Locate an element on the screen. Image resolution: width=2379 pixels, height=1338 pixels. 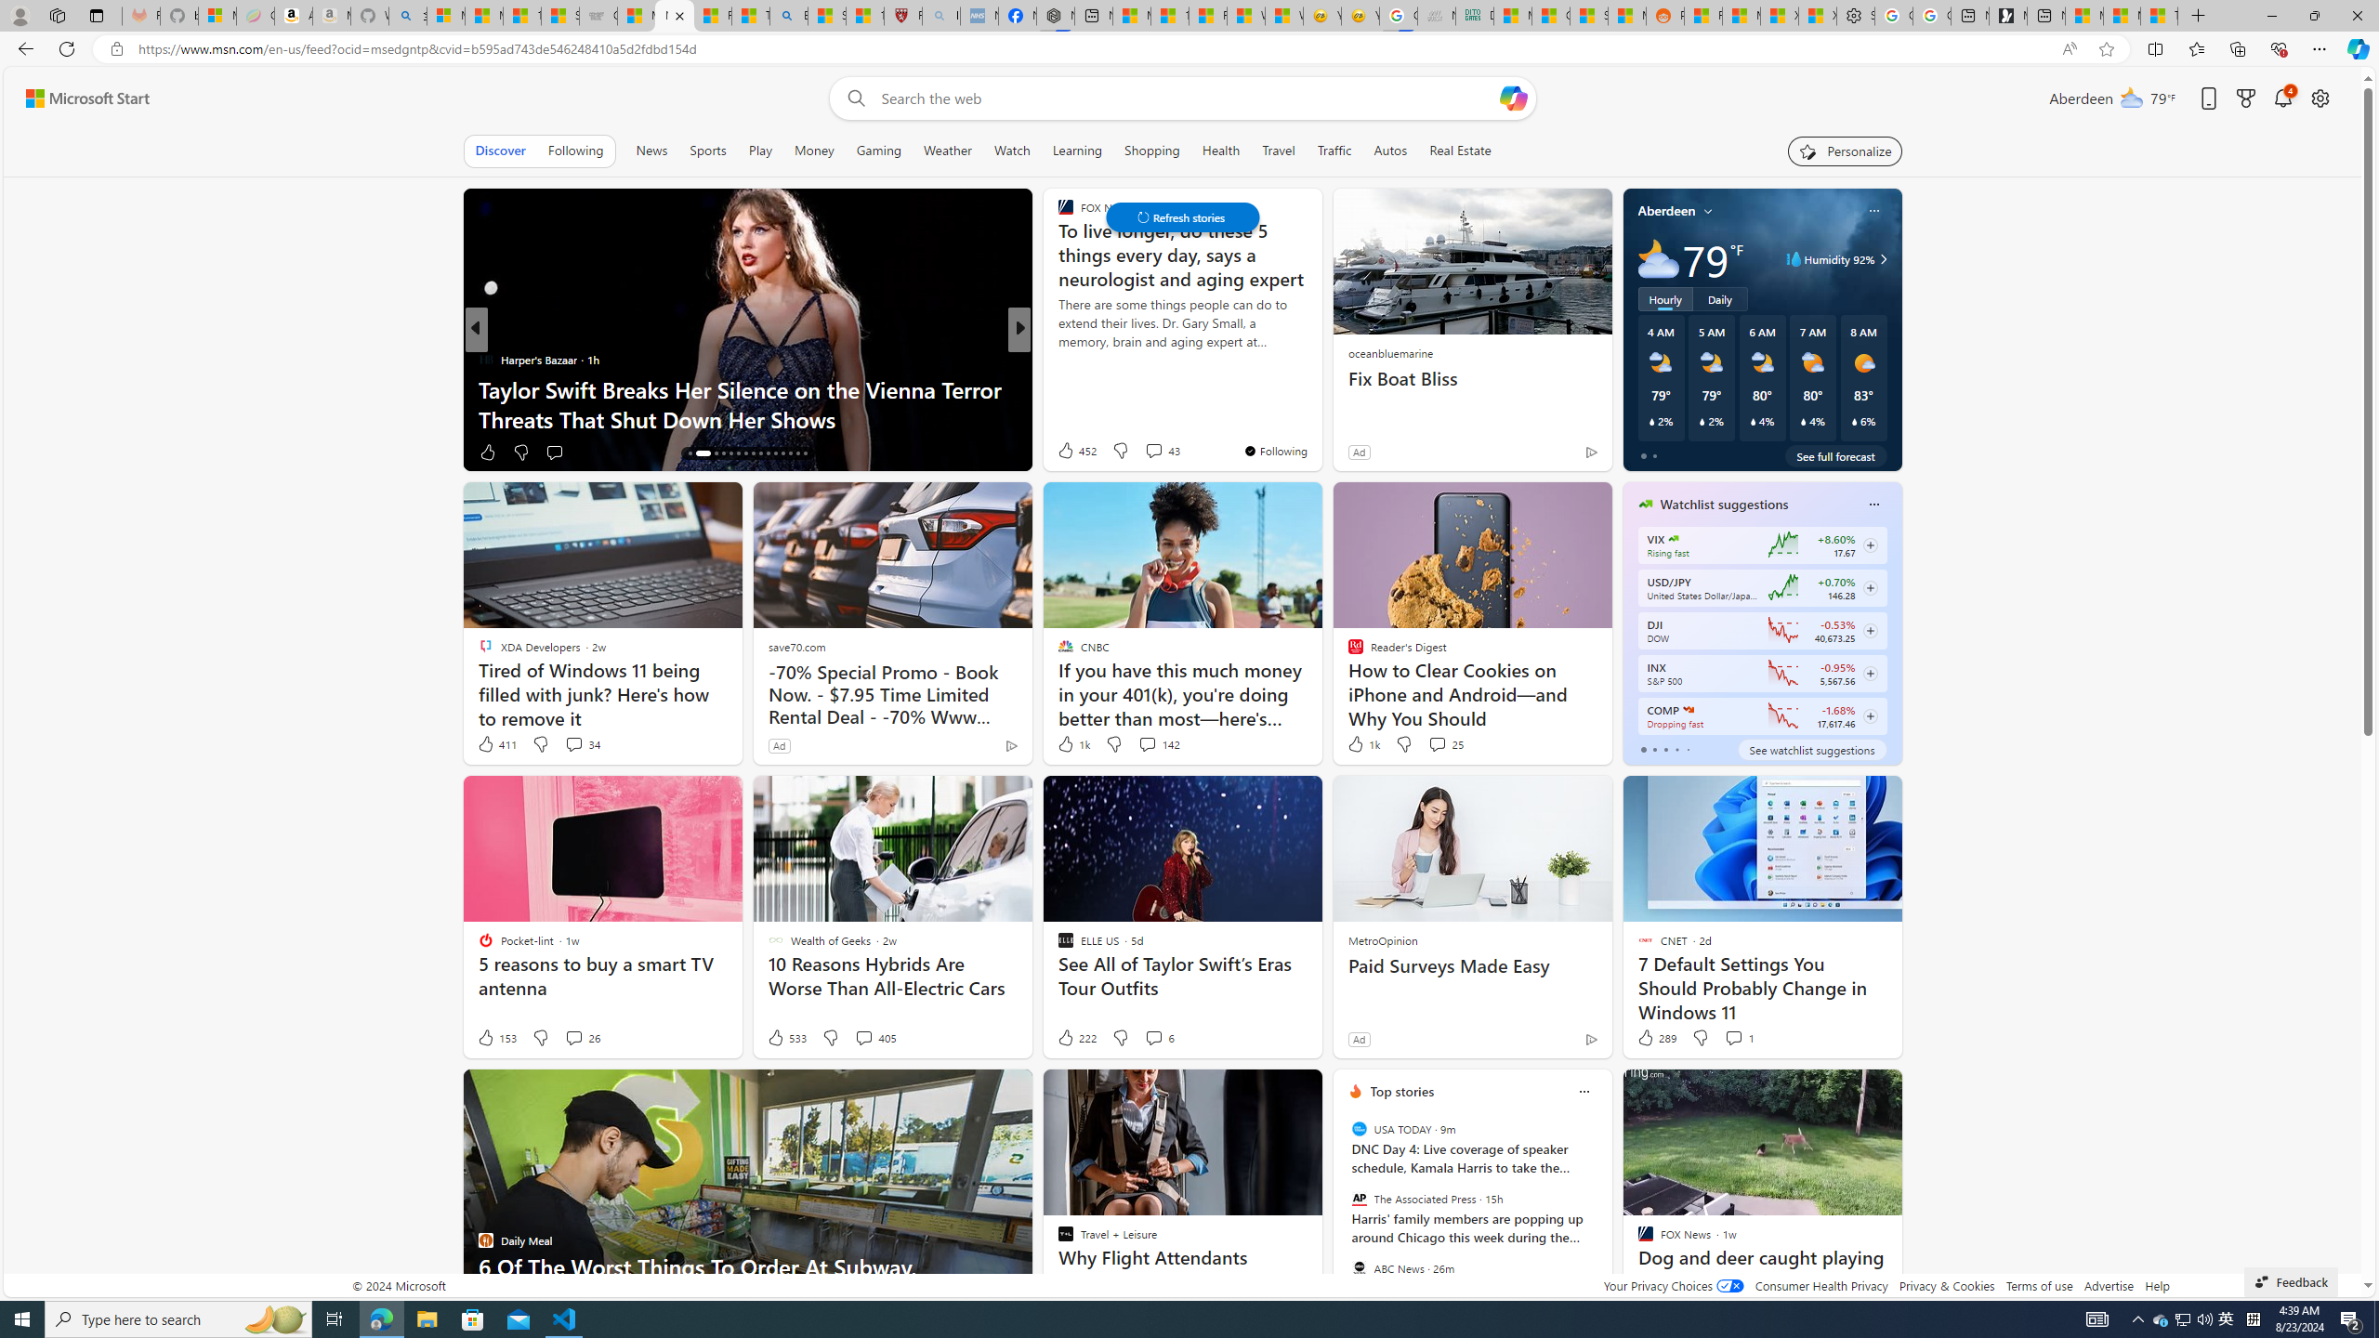
'AutomationID: tab-24' is located at coordinates (758, 453).